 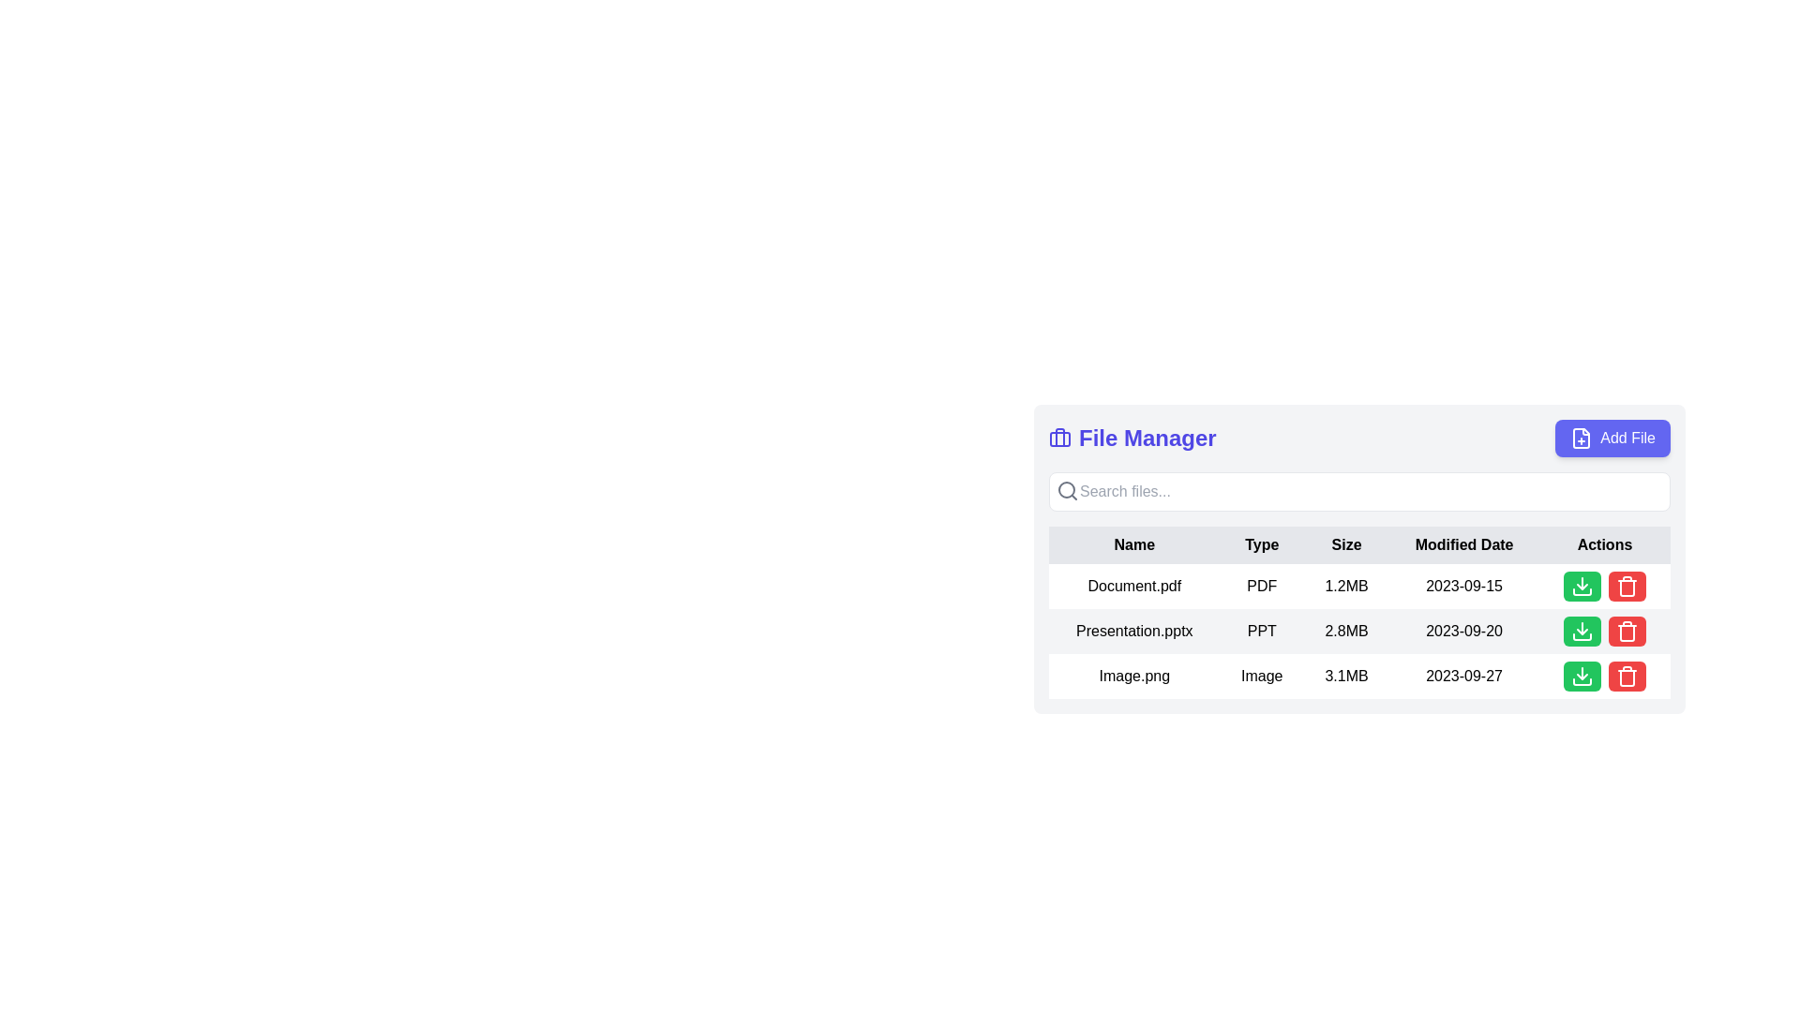 I want to click on the Text label indicating the file type 'PPT' in the second row of the file manager table, adjacent to 'Presentation.pptx', so click(x=1262, y=632).